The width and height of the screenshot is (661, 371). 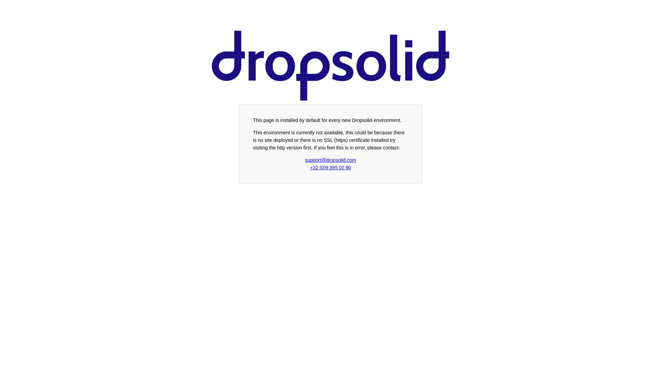 What do you see at coordinates (305, 160) in the screenshot?
I see `'support@dropsolid.com'` at bounding box center [305, 160].